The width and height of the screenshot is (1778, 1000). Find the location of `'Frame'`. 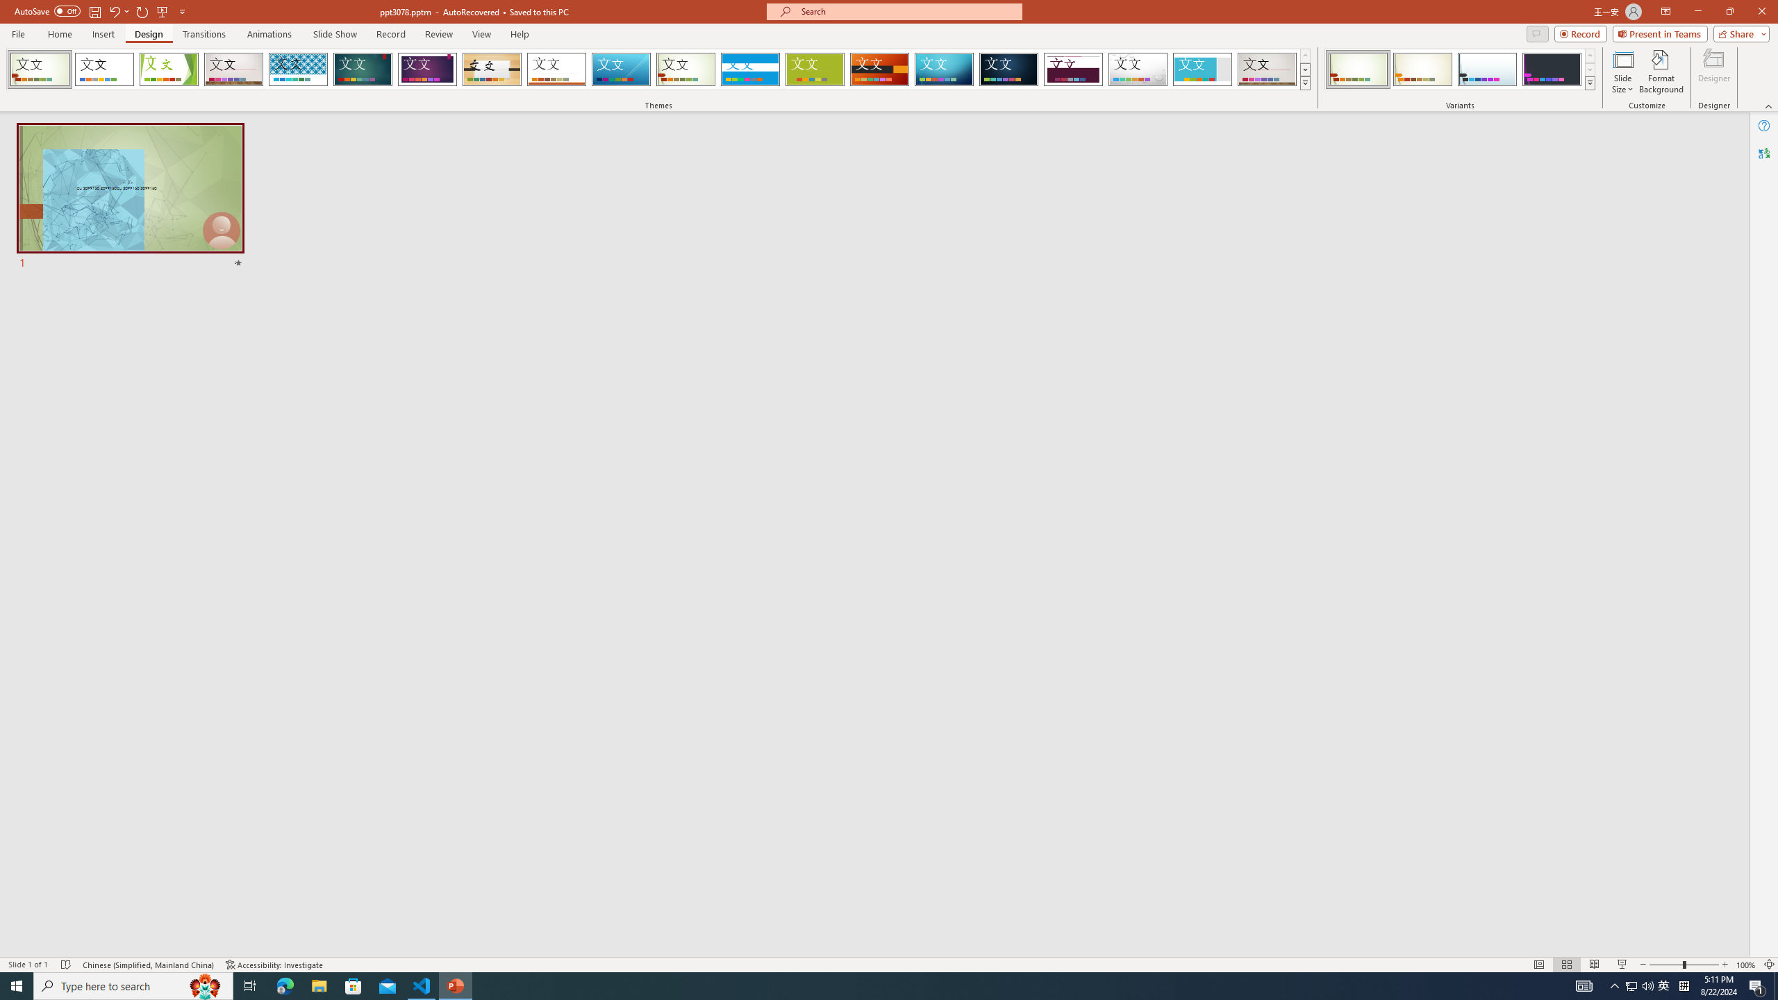

'Frame' is located at coordinates (1202, 69).